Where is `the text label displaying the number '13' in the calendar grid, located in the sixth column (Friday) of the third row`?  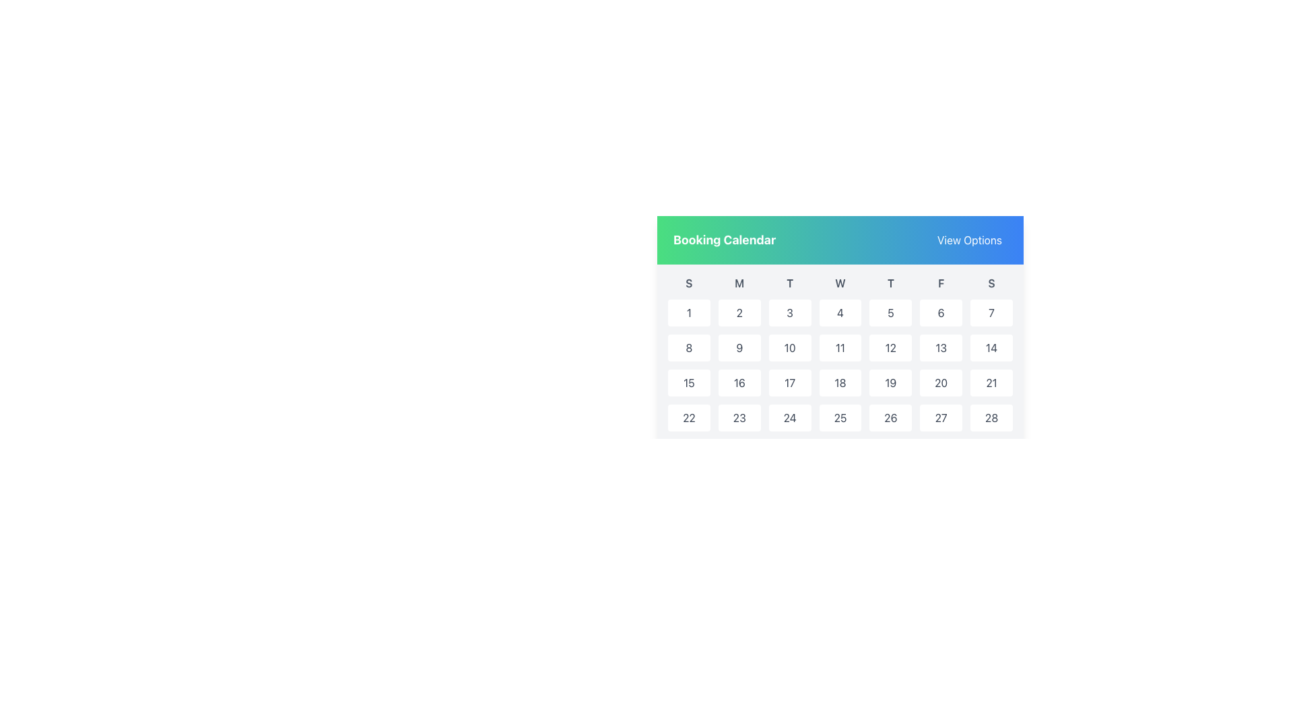 the text label displaying the number '13' in the calendar grid, located in the sixth column (Friday) of the third row is located at coordinates (940, 347).